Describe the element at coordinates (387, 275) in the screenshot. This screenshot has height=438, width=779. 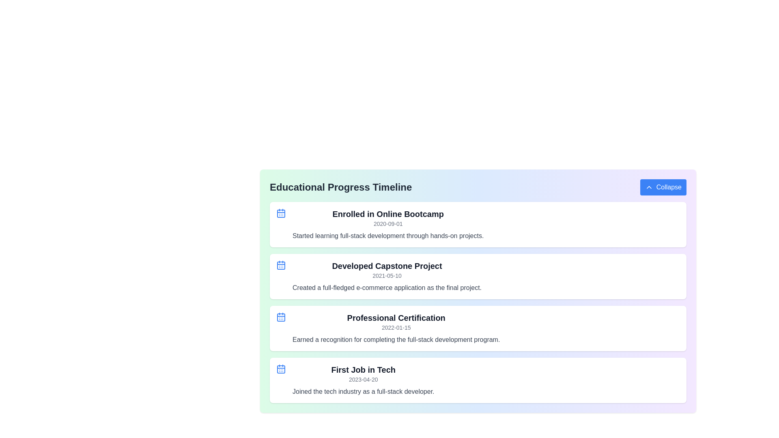
I see `the static text displaying the date '2021-05-10', which is centrally aligned below the title 'Developed Capstone Project' in a gray and small font` at that location.